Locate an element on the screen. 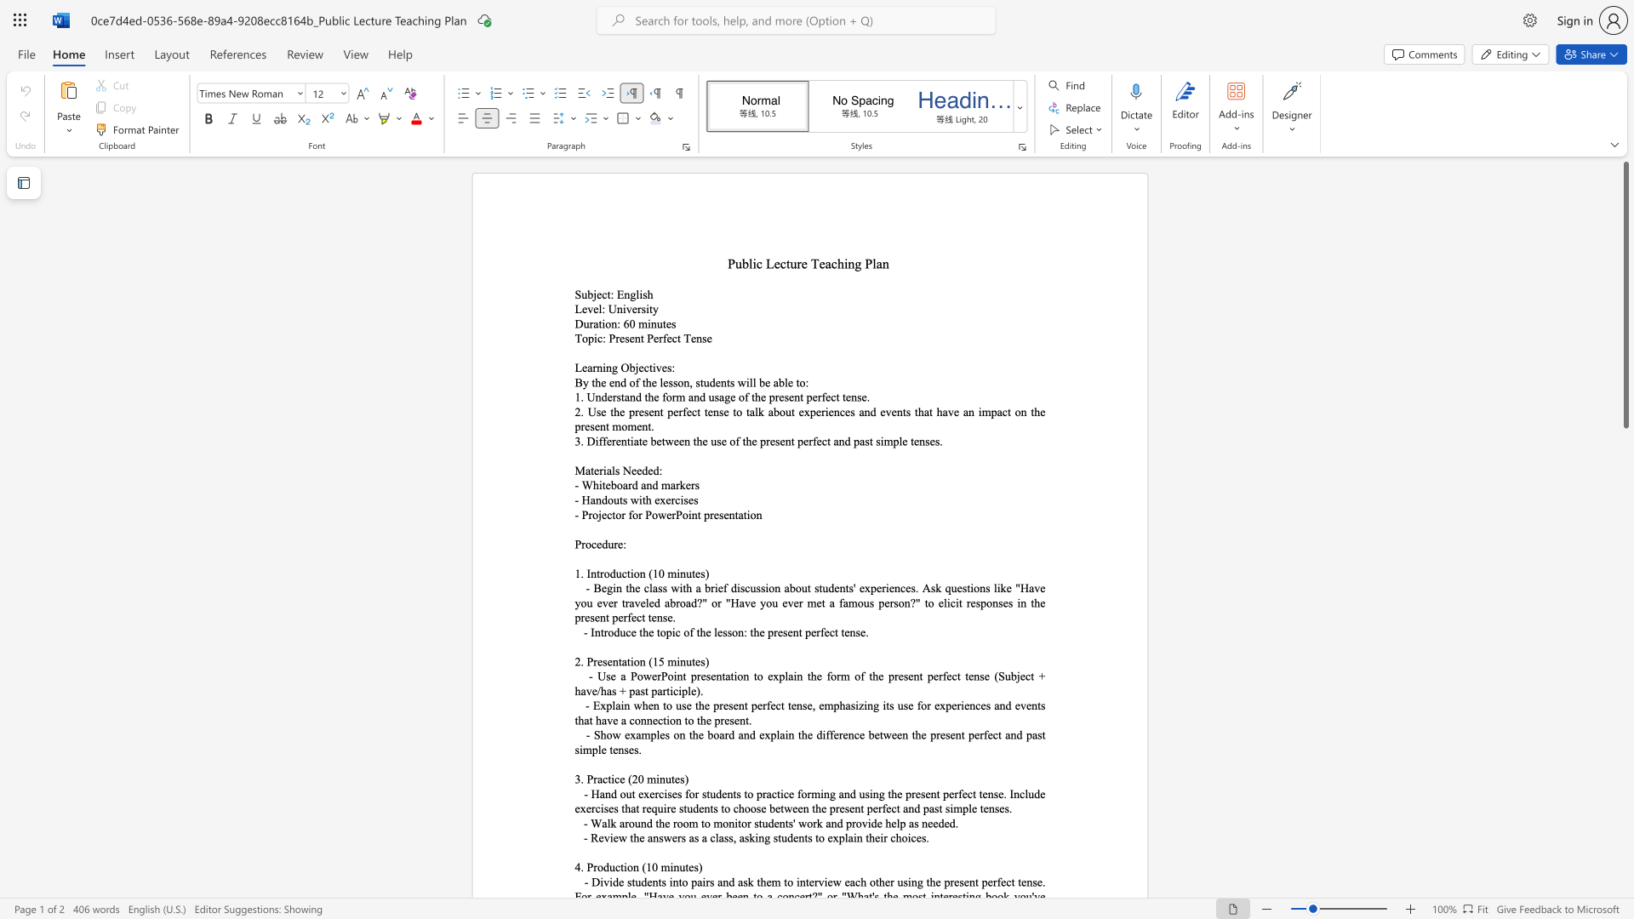 The width and height of the screenshot is (1634, 919). the right-hand scrollbar to descend the page is located at coordinates (1625, 791).